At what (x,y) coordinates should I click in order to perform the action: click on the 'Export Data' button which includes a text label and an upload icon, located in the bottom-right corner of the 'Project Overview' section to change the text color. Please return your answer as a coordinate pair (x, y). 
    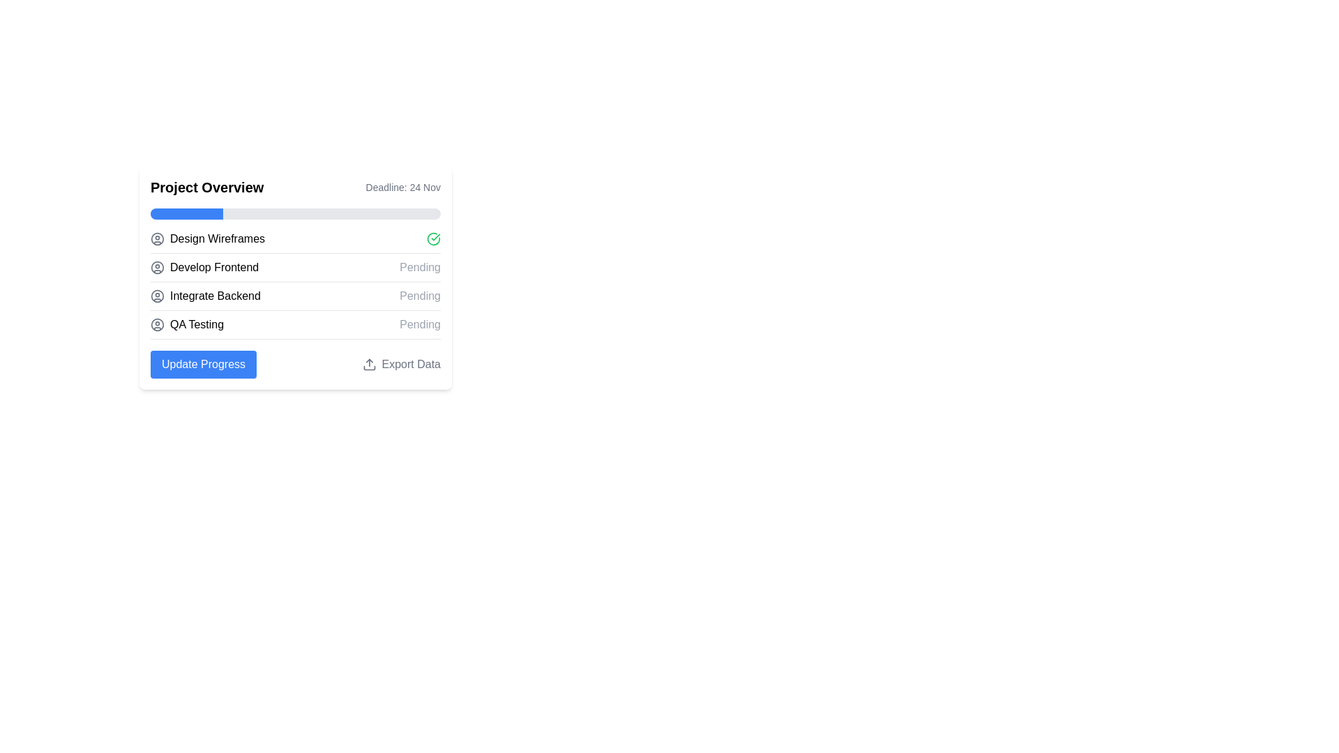
    Looking at the image, I should click on (400, 364).